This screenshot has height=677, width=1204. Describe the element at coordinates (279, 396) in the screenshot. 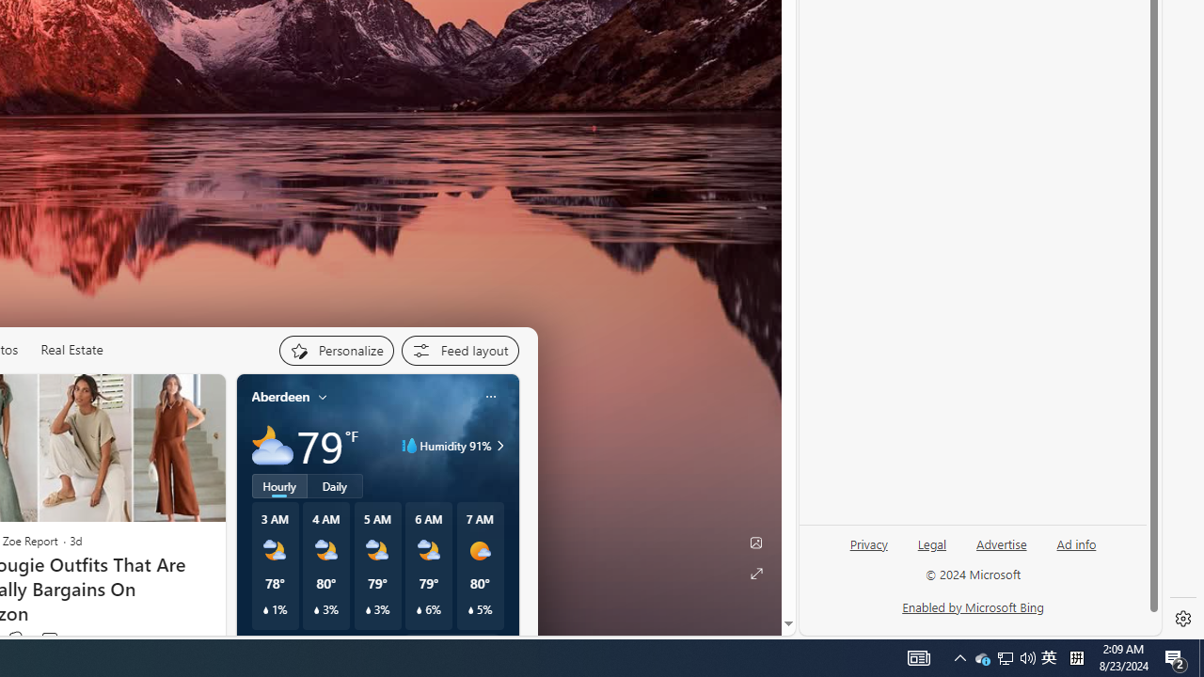

I see `'Aberdeen'` at that location.